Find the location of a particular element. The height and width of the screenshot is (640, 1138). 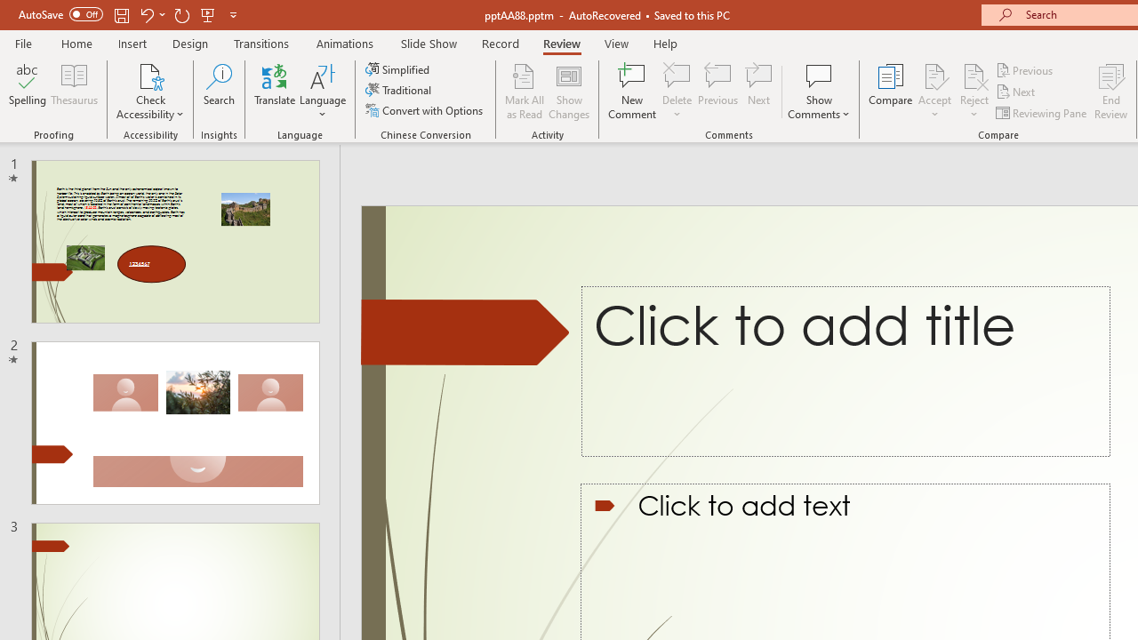

'Translate' is located at coordinates (274, 92).